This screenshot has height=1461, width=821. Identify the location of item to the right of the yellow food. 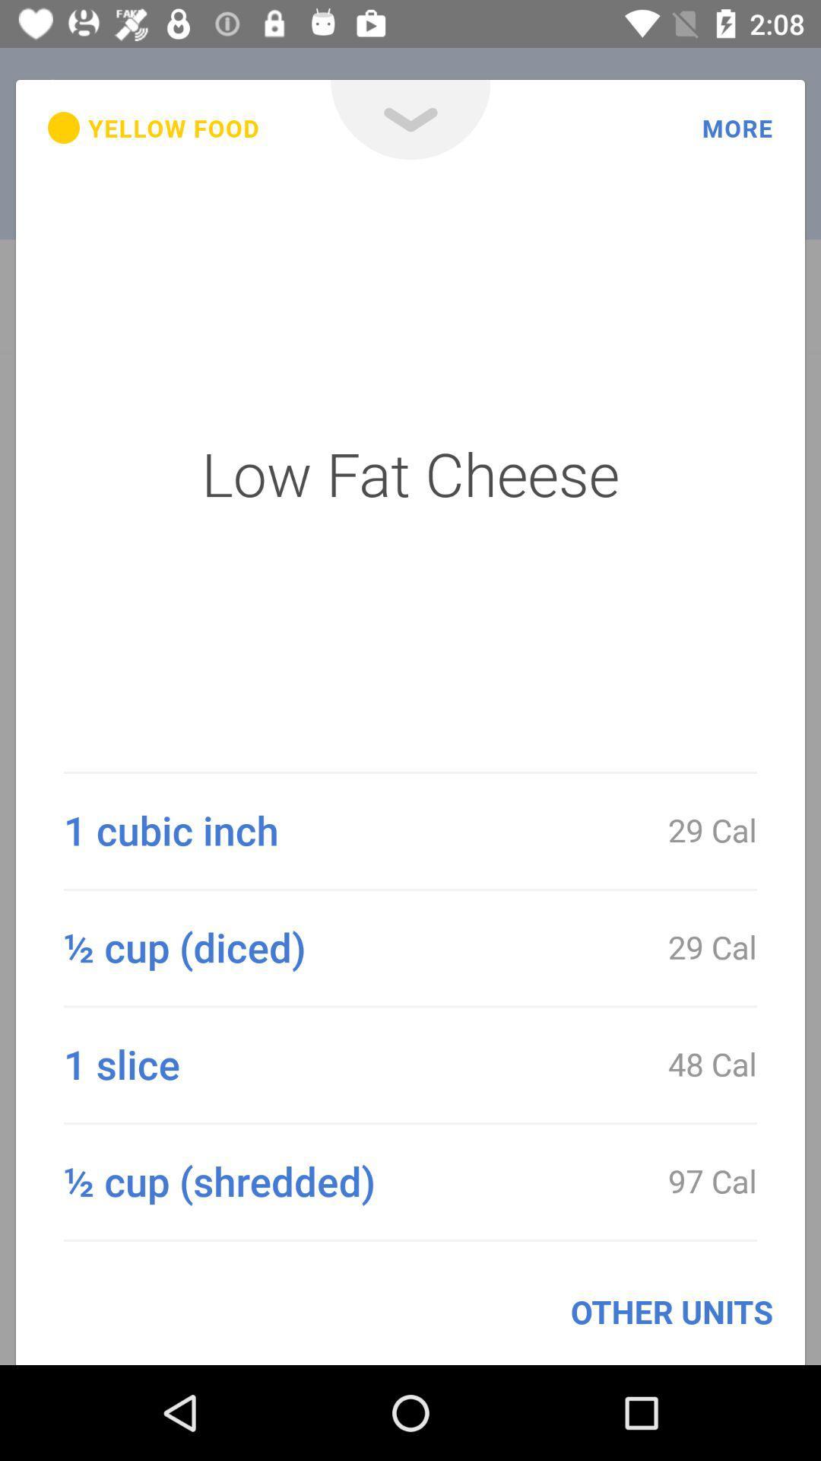
(410, 119).